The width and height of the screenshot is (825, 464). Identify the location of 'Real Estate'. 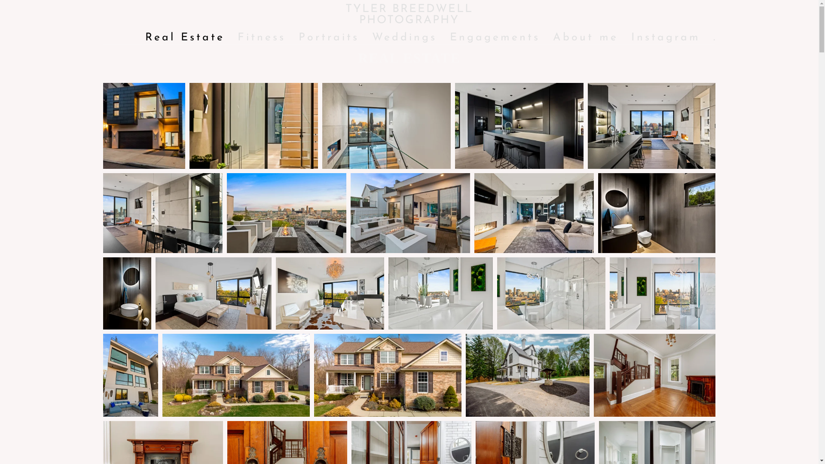
(184, 37).